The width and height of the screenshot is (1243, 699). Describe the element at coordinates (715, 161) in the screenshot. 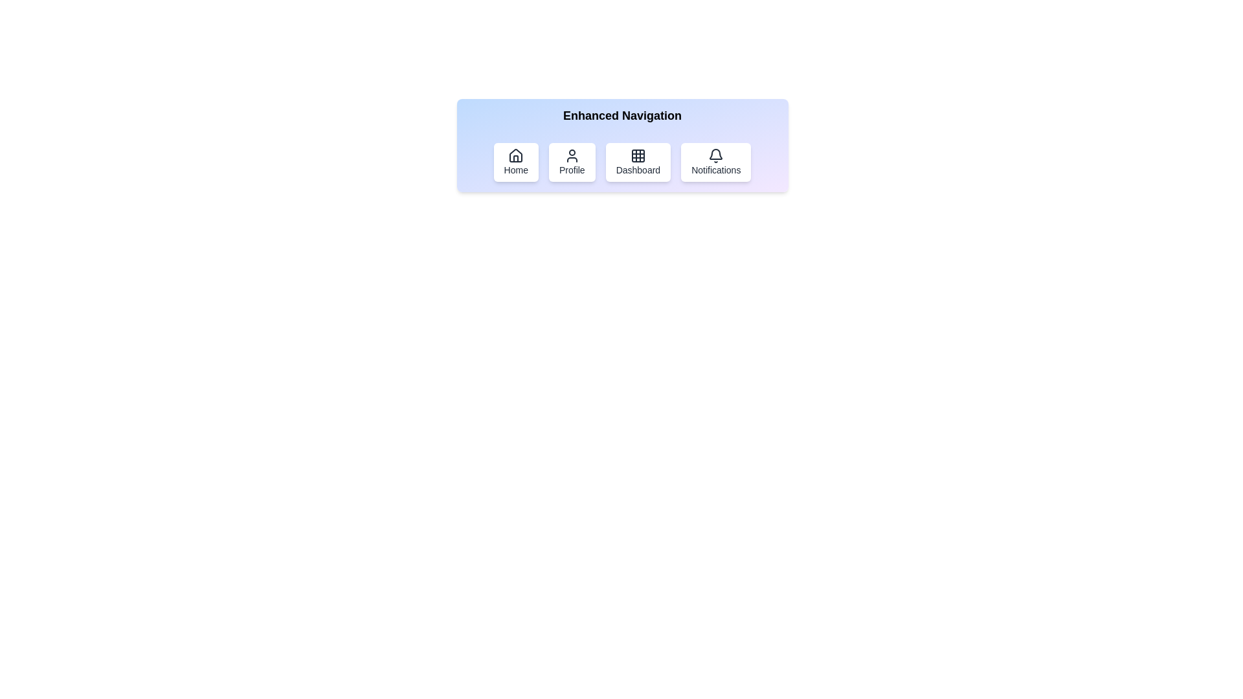

I see `the 'Notifications' button, which is a white rounded rectangle with a black bell icon and dark gray text beneath it, located at the far-right of the navigation buttons` at that location.